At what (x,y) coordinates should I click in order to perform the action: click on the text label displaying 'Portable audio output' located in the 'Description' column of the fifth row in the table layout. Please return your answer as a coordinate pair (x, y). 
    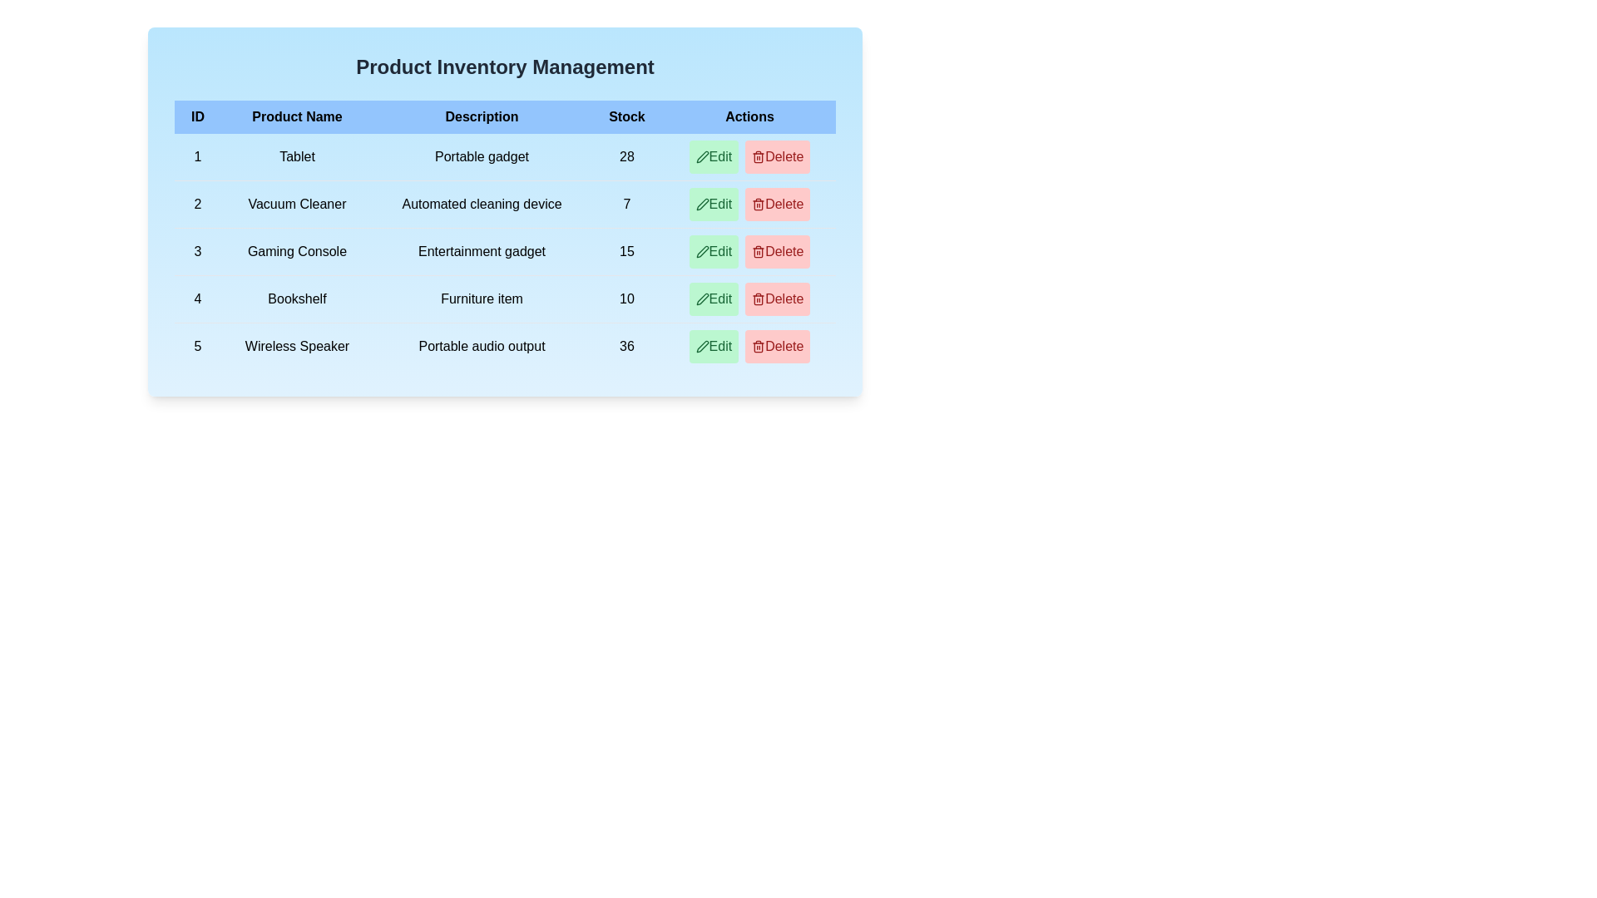
    Looking at the image, I should click on (481, 345).